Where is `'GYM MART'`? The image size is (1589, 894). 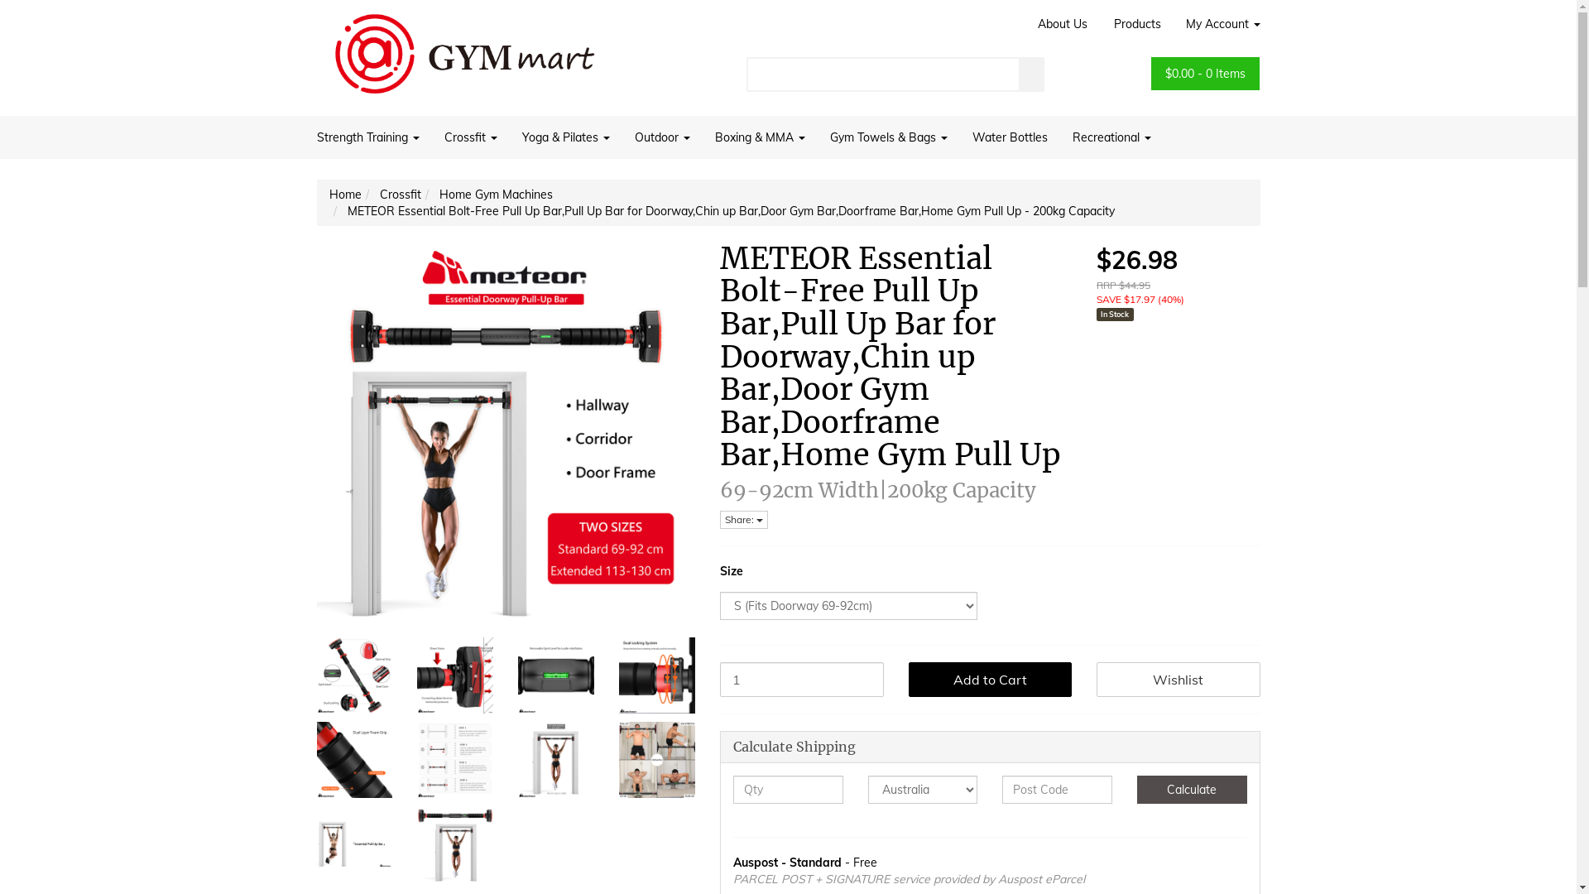 'GYM MART' is located at coordinates (463, 46).